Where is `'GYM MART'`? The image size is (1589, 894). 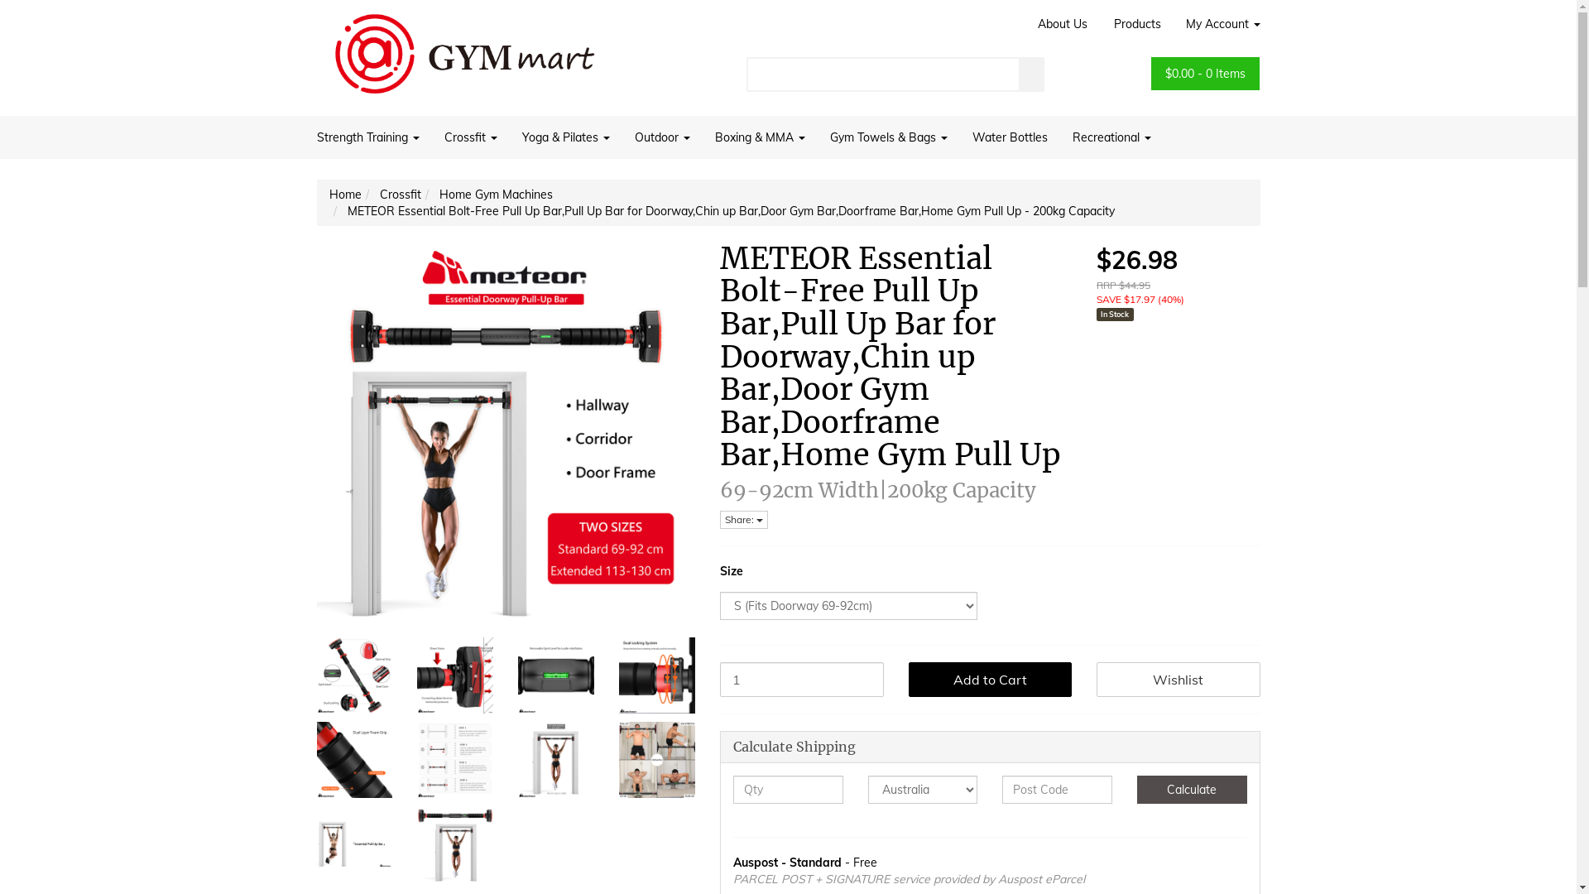 'GYM MART' is located at coordinates (463, 46).